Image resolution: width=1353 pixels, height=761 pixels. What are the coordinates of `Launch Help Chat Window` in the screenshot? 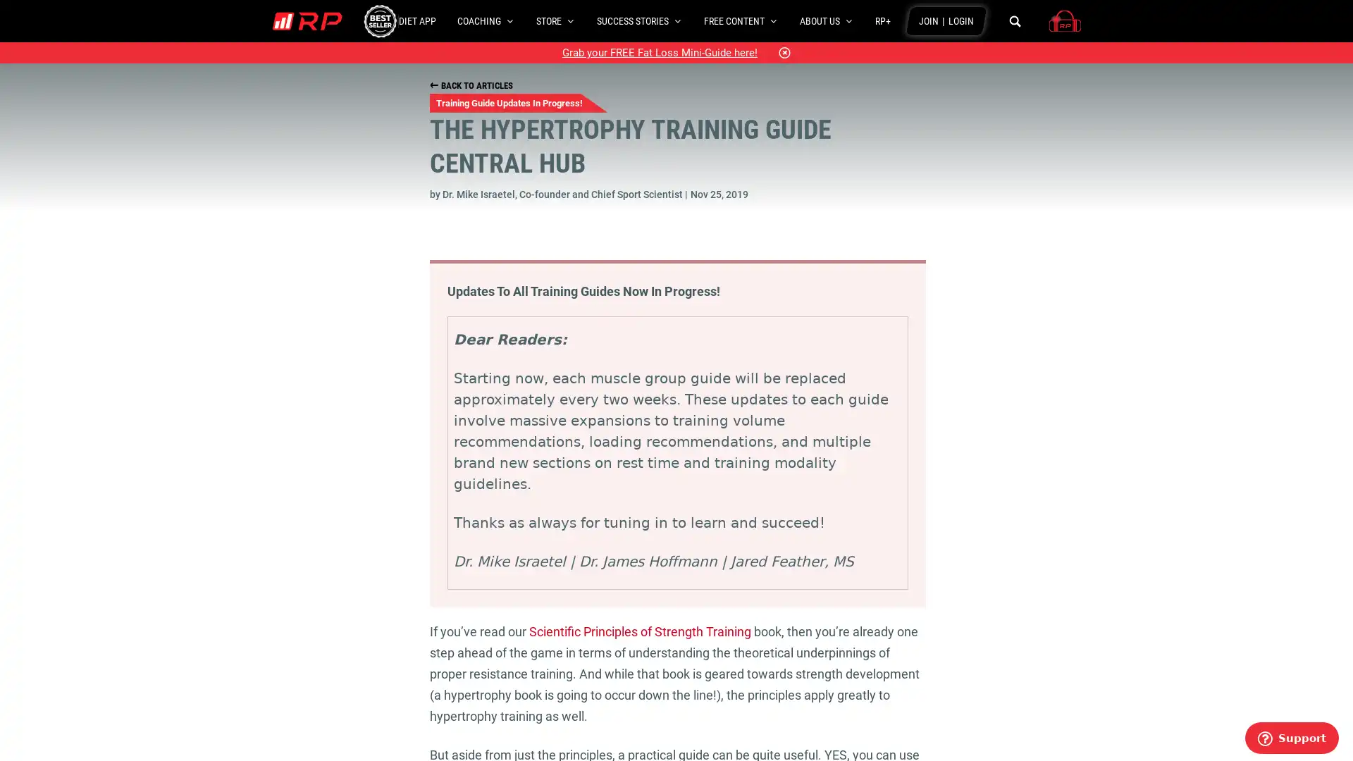 It's located at (1292, 737).